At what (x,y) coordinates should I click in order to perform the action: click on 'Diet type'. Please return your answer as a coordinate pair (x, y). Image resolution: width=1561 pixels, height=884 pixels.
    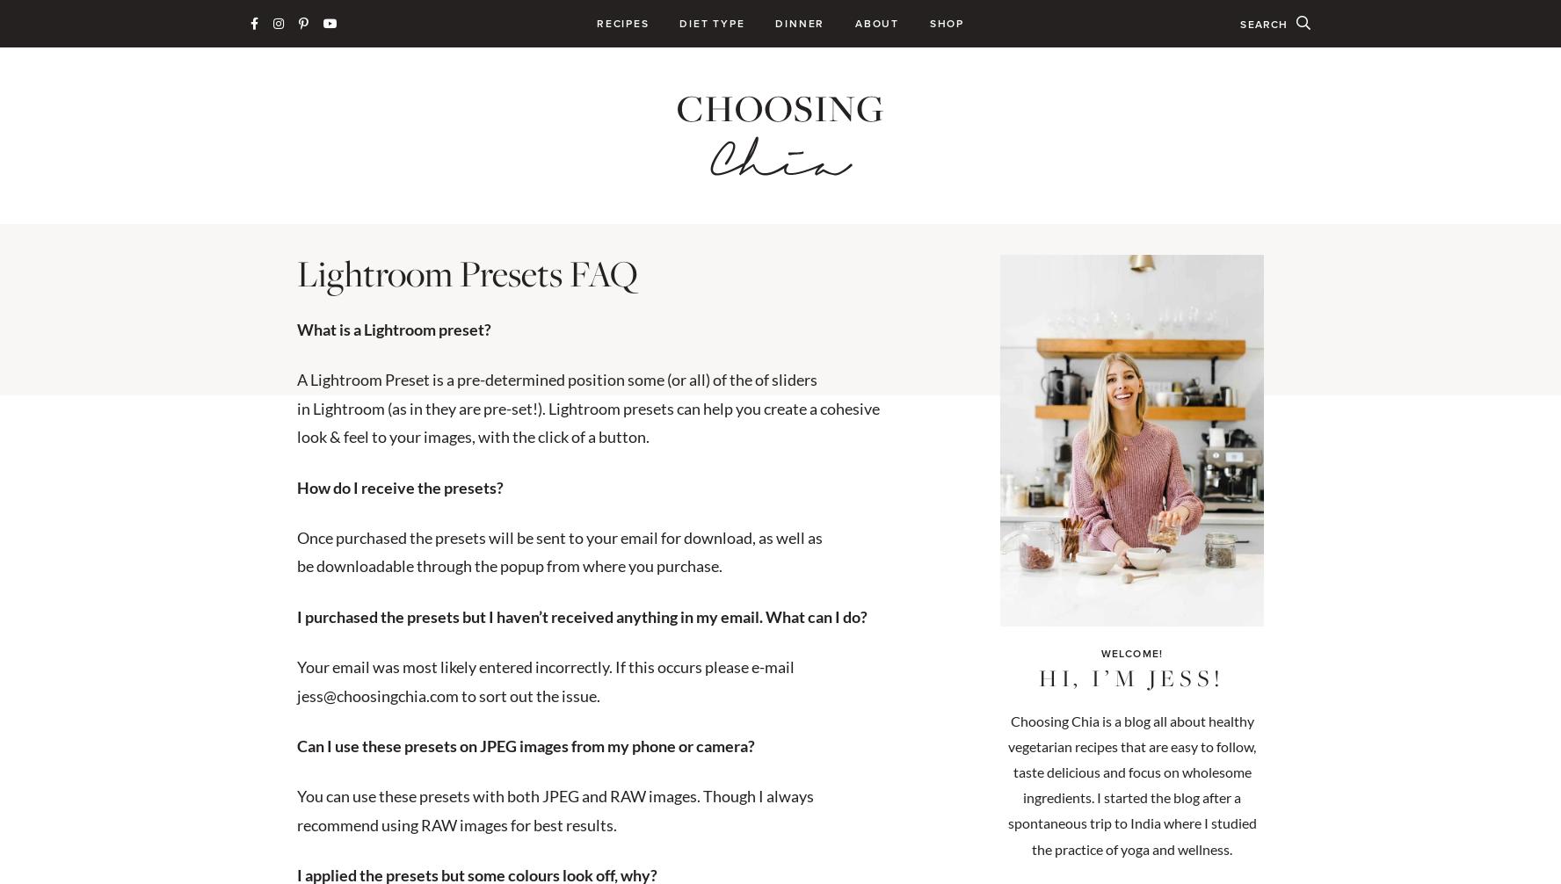
    Looking at the image, I should click on (678, 23).